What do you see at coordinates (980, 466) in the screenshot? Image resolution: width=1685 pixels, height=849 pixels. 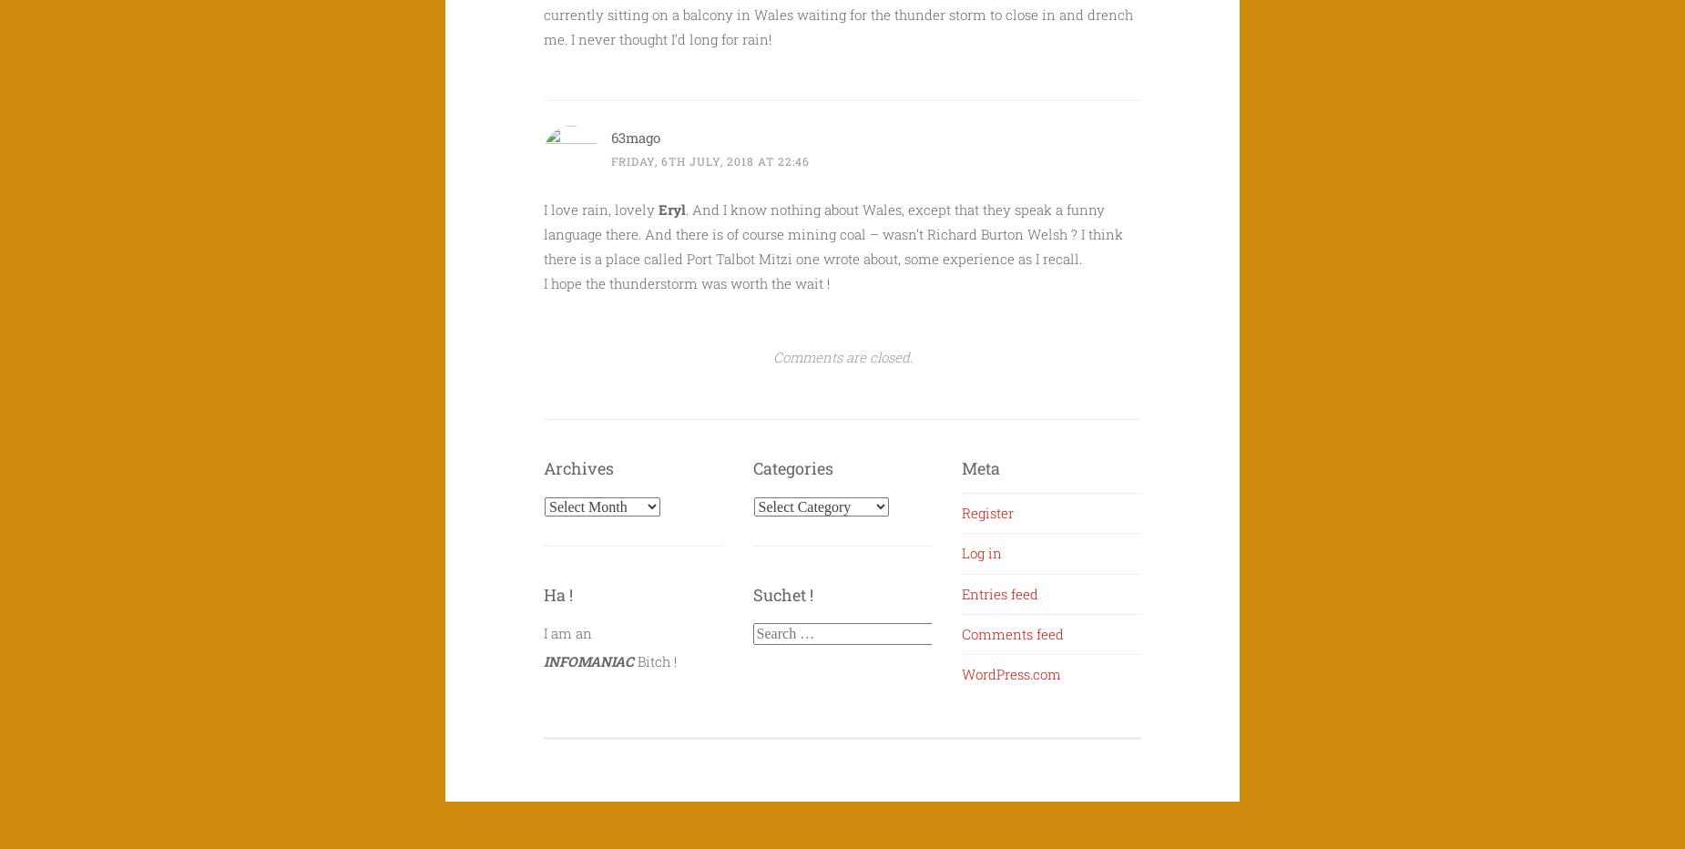 I see `'Meta'` at bounding box center [980, 466].